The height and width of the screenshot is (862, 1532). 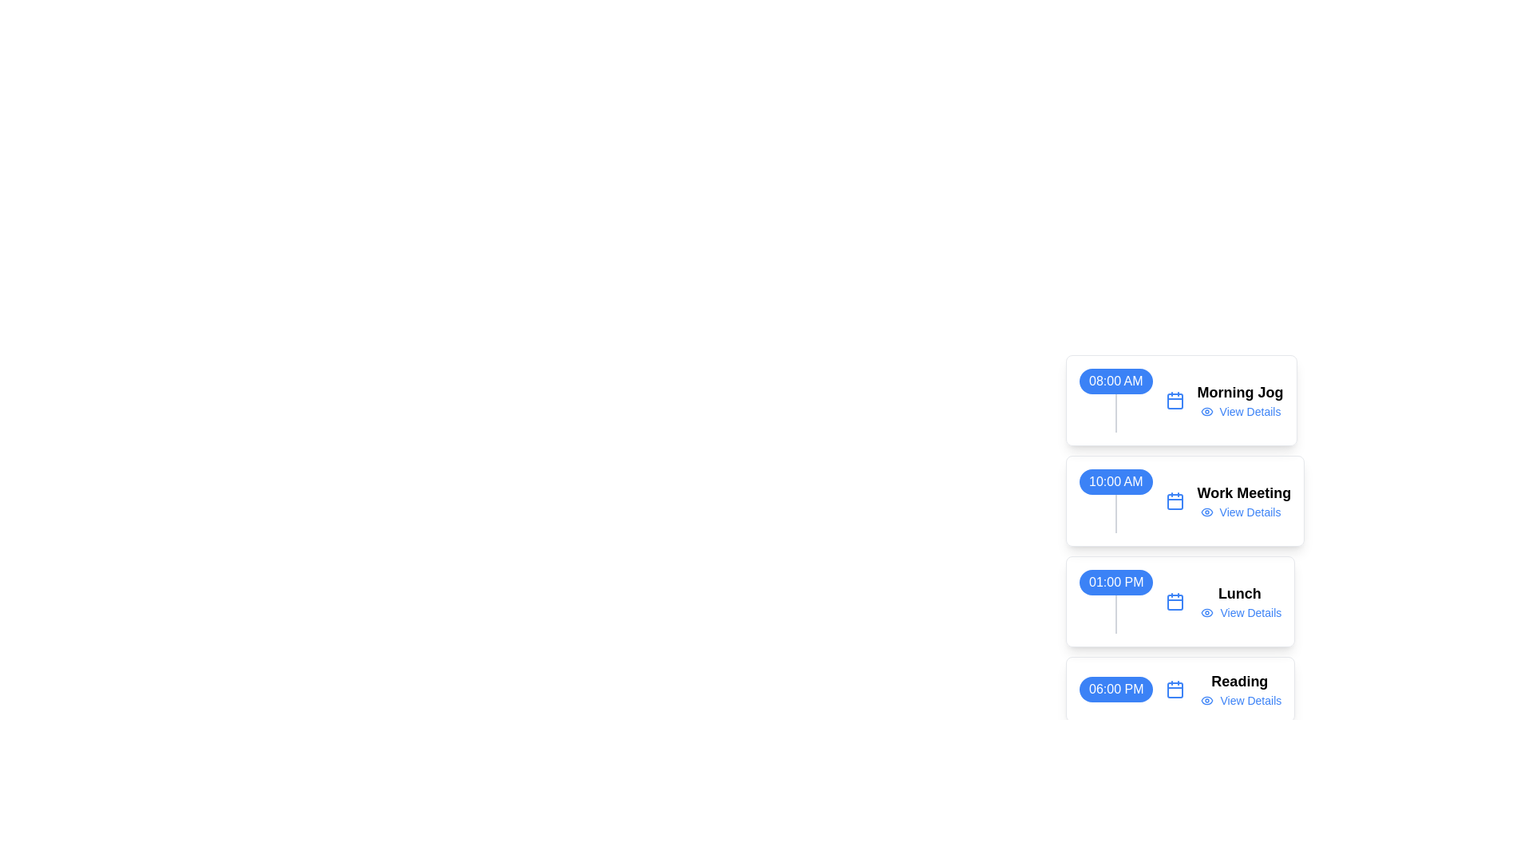 I want to click on the interactive text hyperlink located beneath the 'Lunch' title to underline the text, so click(x=1238, y=611).